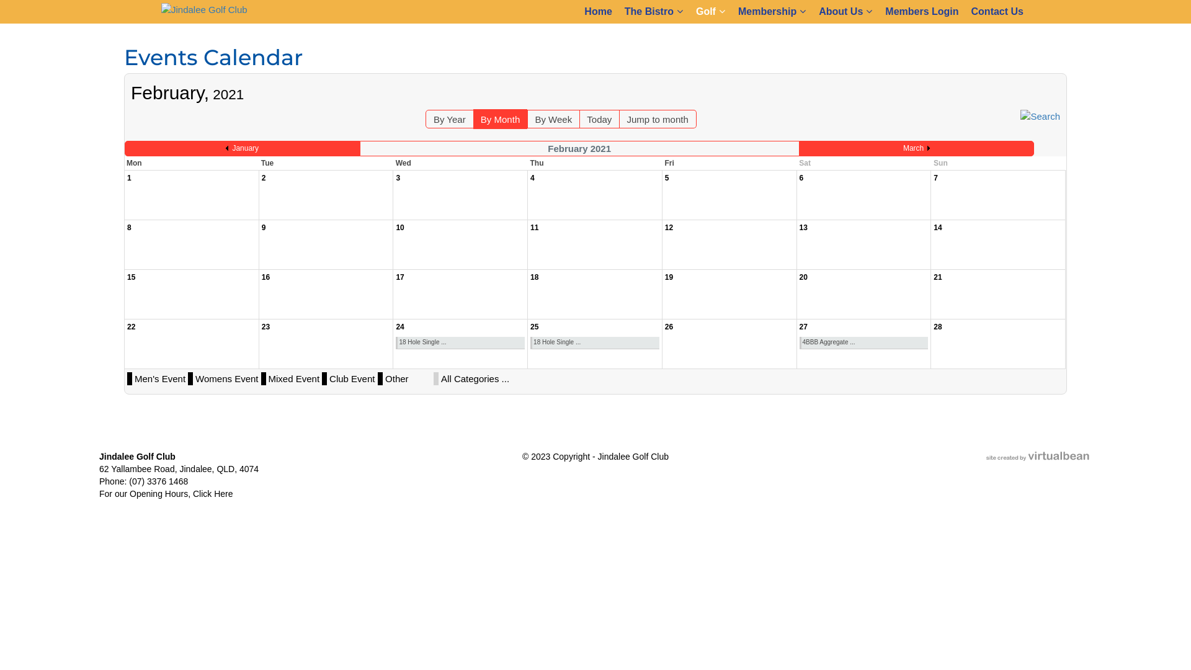 The image size is (1191, 670). Describe the element at coordinates (530, 227) in the screenshot. I see `'11'` at that location.